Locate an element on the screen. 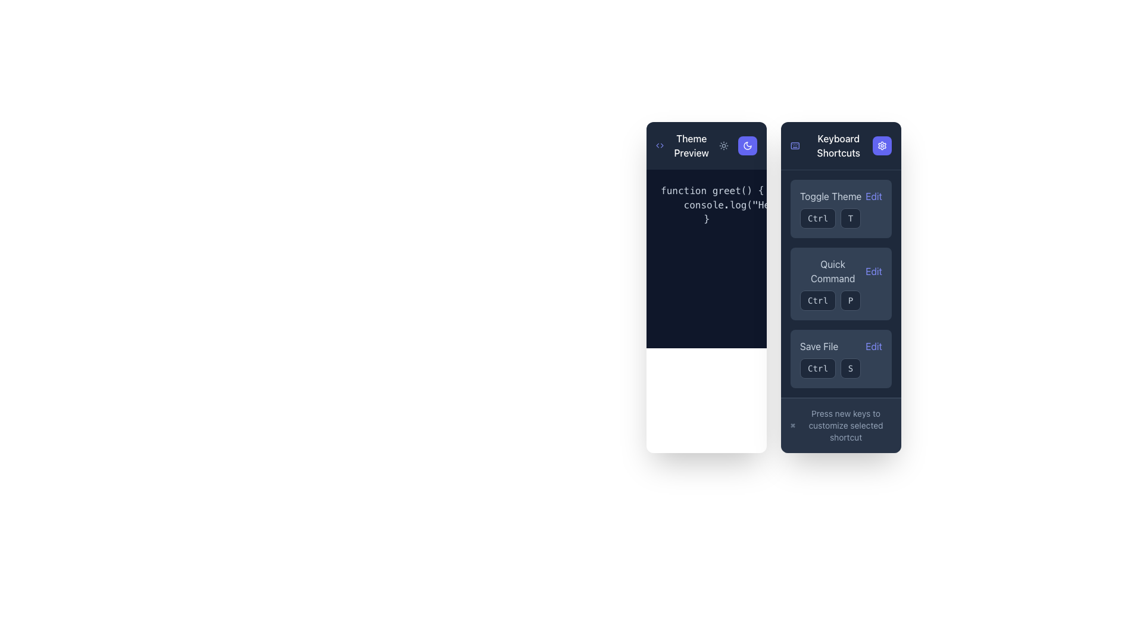  the 'Quick Command' list item within the 'Keyboard Shortcuts' section for accessibility purposes is located at coordinates (840, 284).